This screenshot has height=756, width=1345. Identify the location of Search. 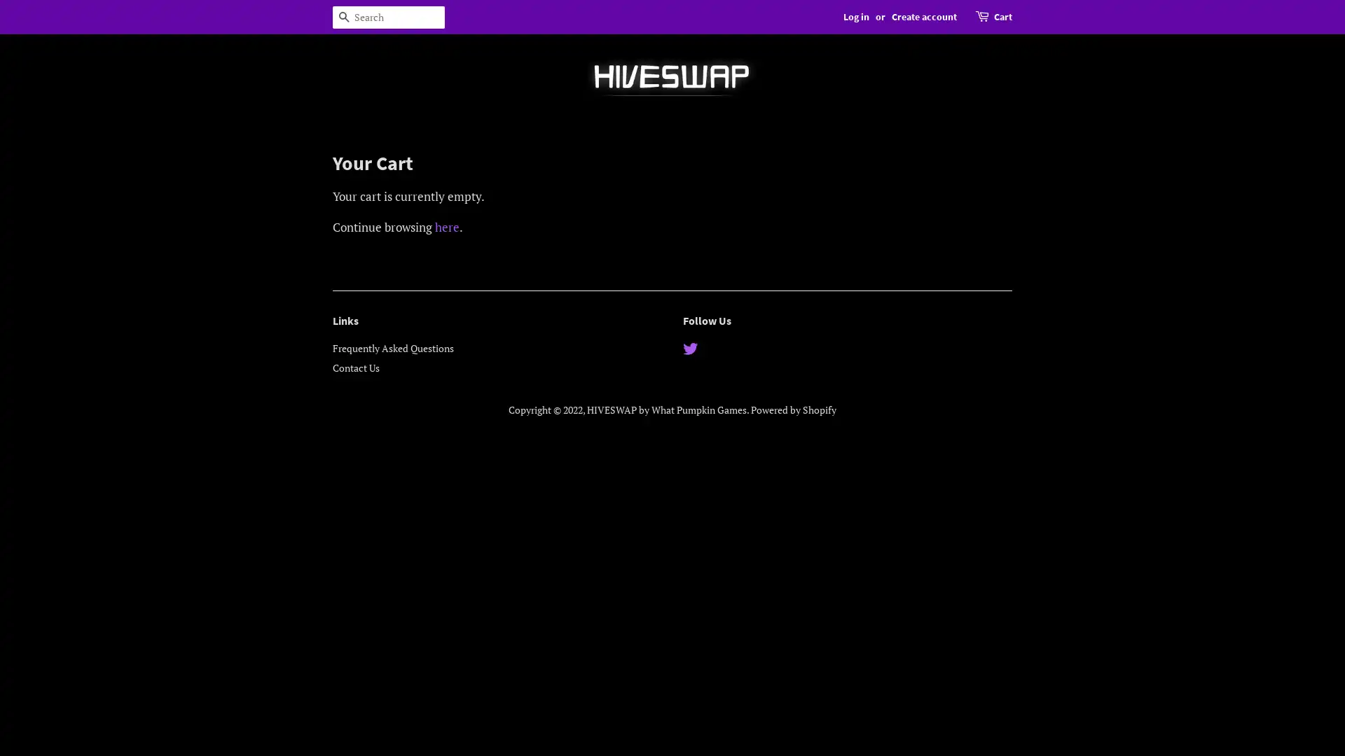
(343, 17).